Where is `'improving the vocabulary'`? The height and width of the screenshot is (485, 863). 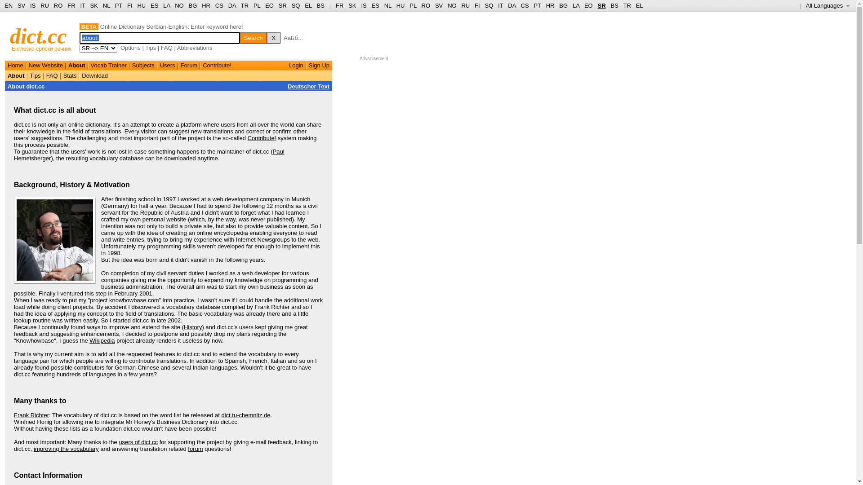
'improving the vocabulary' is located at coordinates (66, 449).